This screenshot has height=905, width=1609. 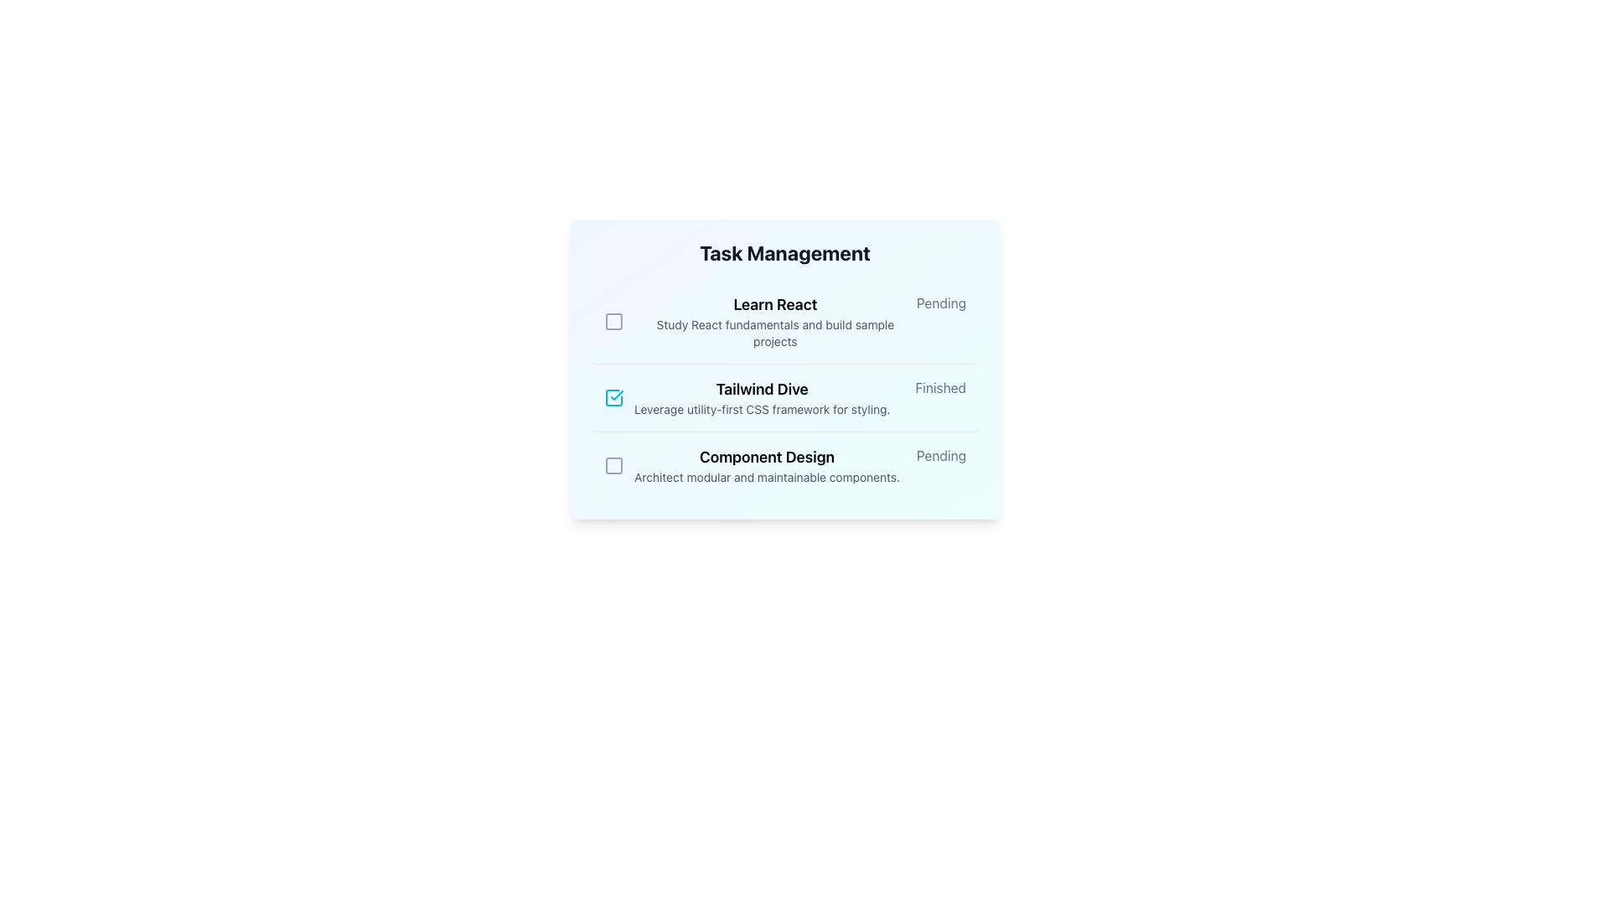 I want to click on the text label displaying 'Pending' in light gray color, located at the top-right side of the task entry labeled 'Learn React', so click(x=941, y=303).